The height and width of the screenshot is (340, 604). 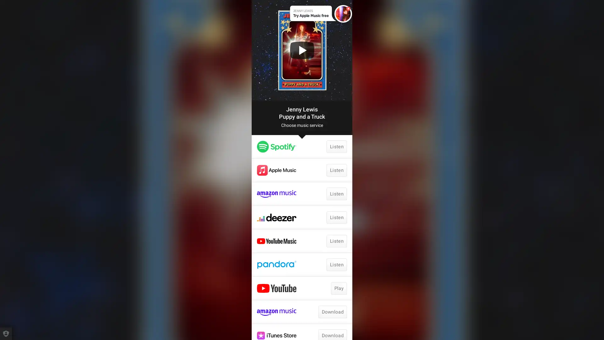 I want to click on Download, so click(x=332, y=312).